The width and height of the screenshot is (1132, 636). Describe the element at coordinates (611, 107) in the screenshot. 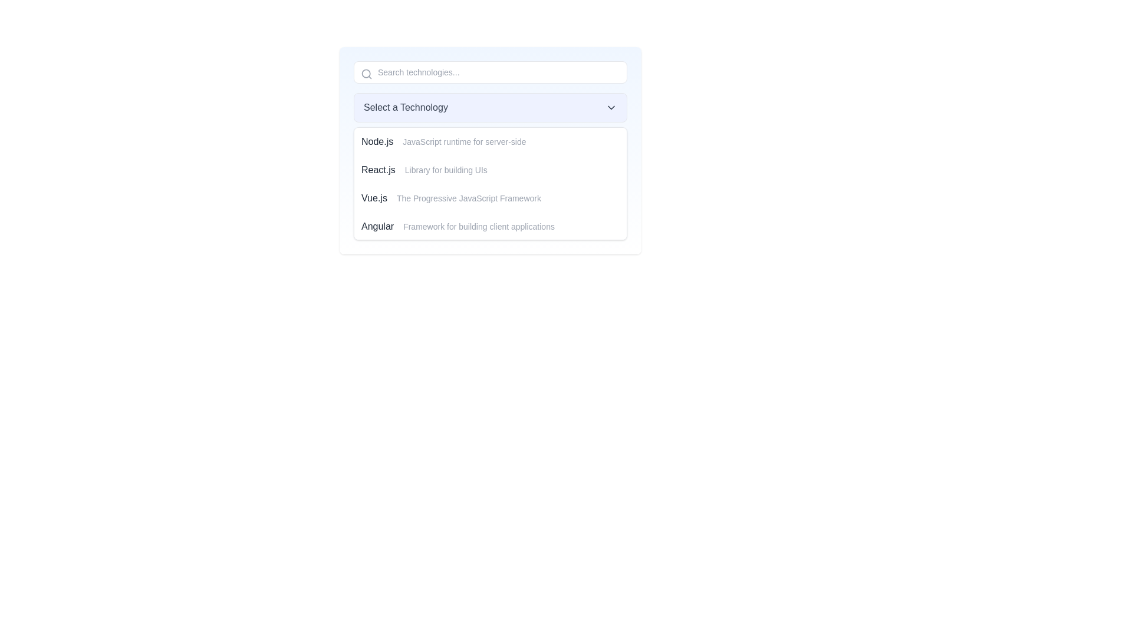

I see `the downwards-pointing chevron icon styled in a black outline, which indicates expandability, located to the far right of the 'Select a Technology' button` at that location.